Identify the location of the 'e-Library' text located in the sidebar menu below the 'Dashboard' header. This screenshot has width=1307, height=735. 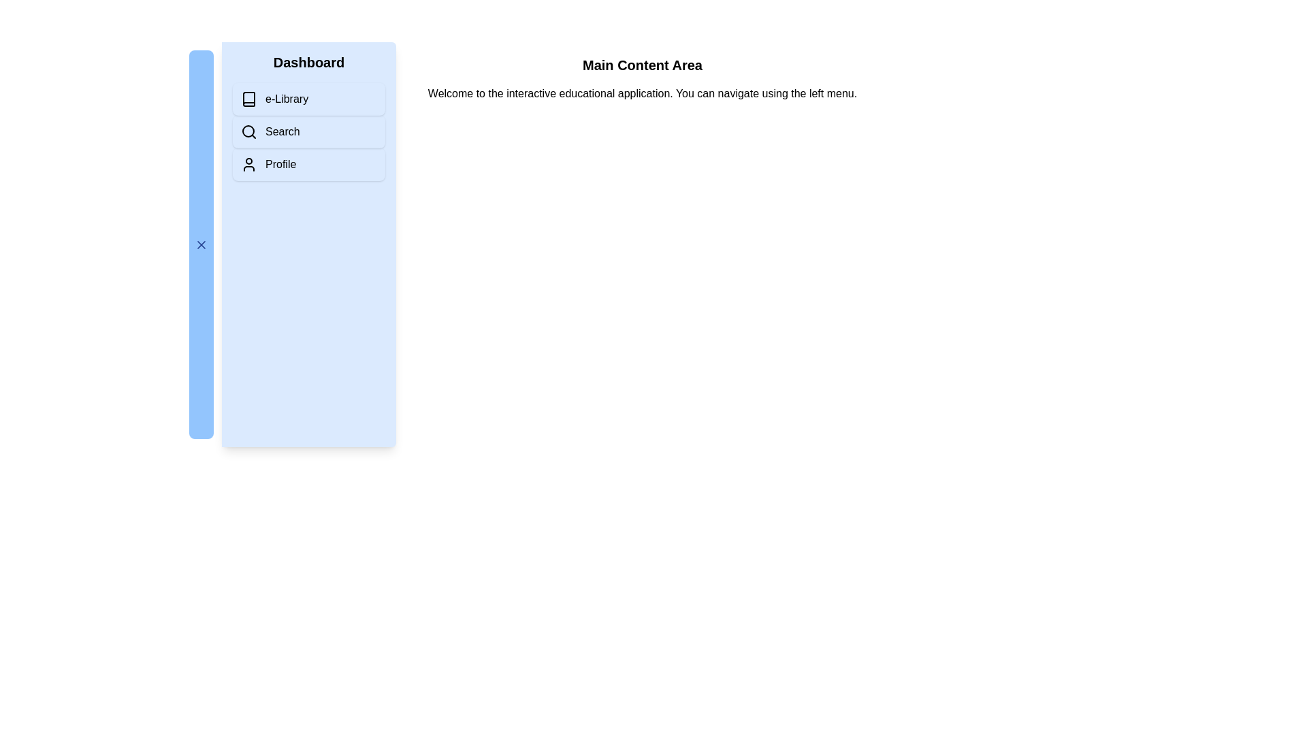
(286, 99).